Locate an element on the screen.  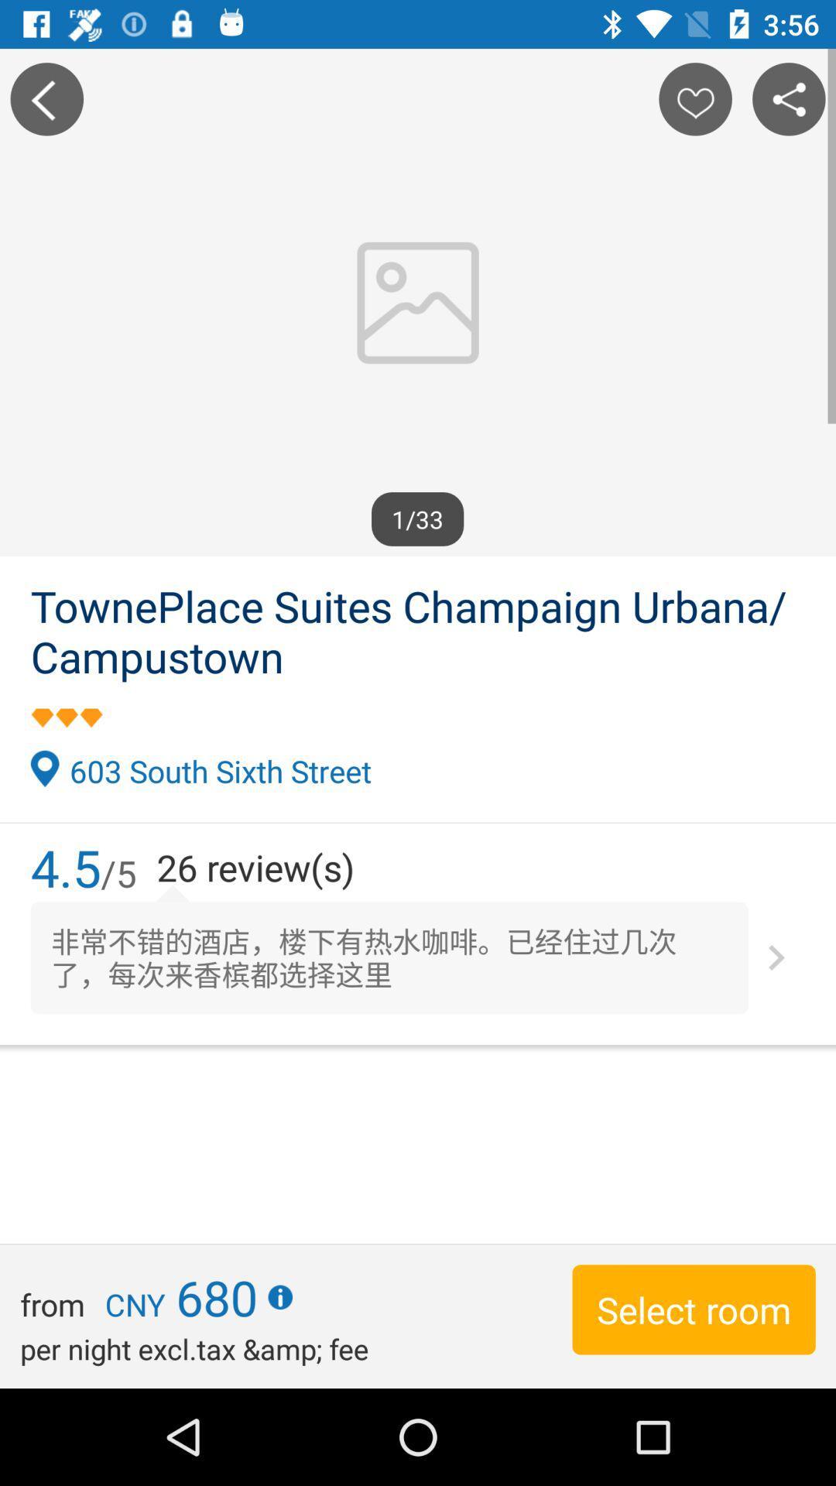
the item to the right of the per night excl is located at coordinates (693, 1309).